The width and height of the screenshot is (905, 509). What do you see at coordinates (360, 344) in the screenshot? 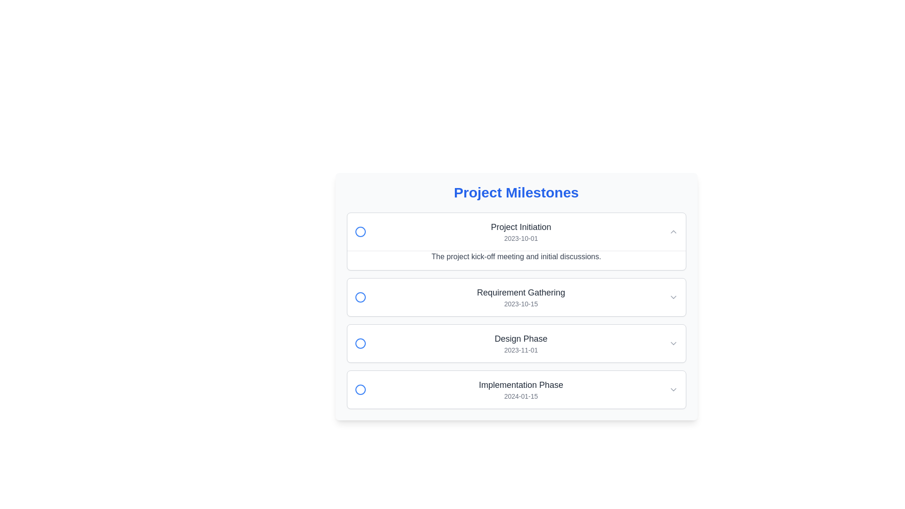
I see `the third circular graphic that visually indicates the 'Design Phase' milestone, which is positioned left of the 'Design Phase' entry` at bounding box center [360, 344].